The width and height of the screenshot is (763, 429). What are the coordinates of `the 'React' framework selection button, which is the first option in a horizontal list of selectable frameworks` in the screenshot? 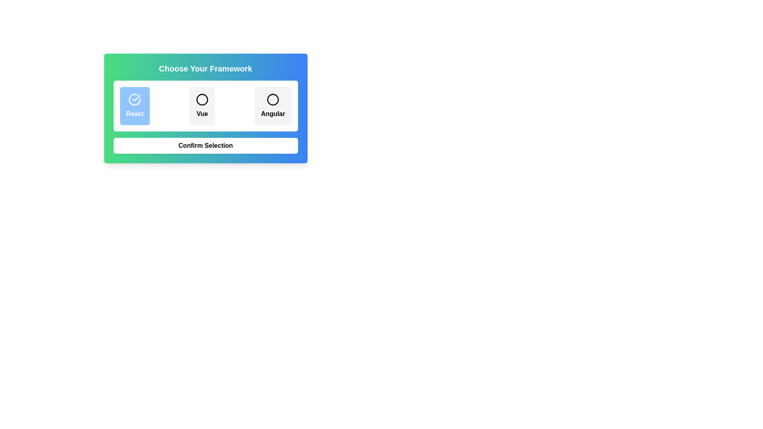 It's located at (135, 105).